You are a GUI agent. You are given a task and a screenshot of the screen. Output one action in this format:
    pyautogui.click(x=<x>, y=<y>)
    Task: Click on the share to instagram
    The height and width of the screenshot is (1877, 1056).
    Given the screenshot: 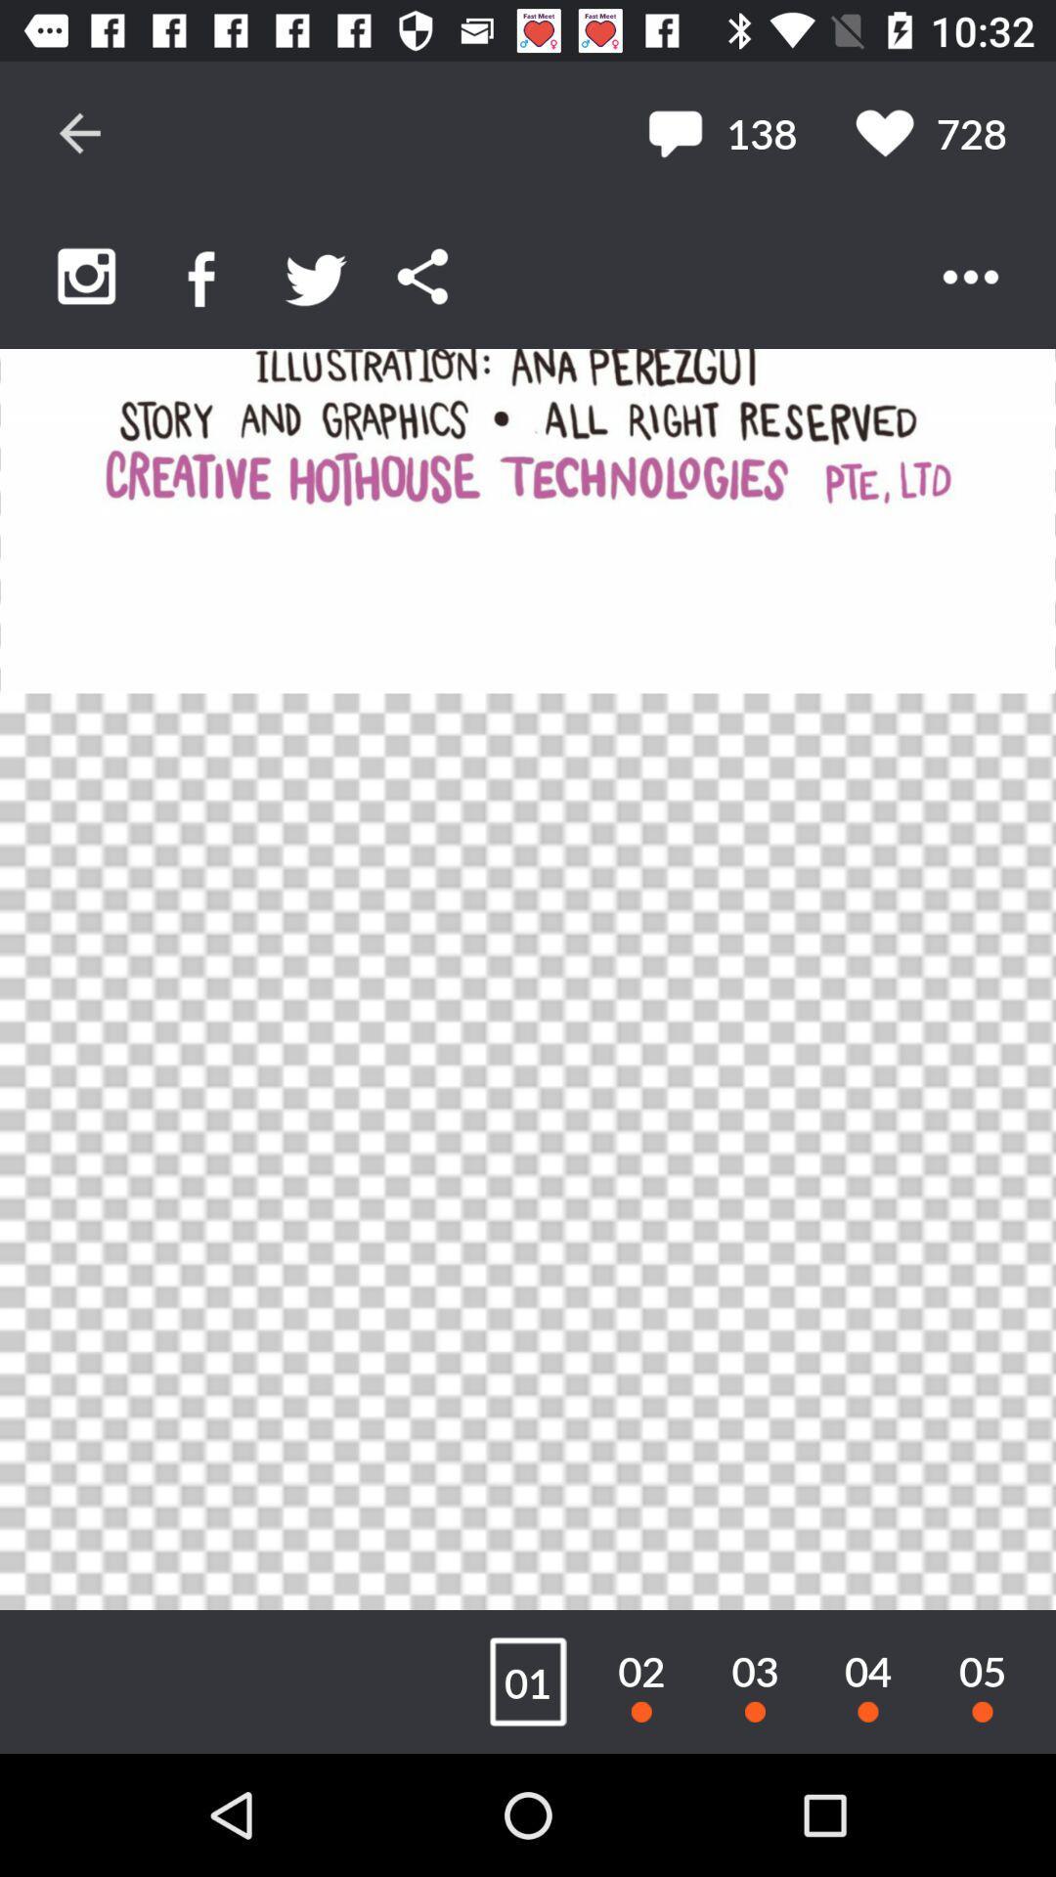 What is the action you would take?
    pyautogui.click(x=85, y=276)
    